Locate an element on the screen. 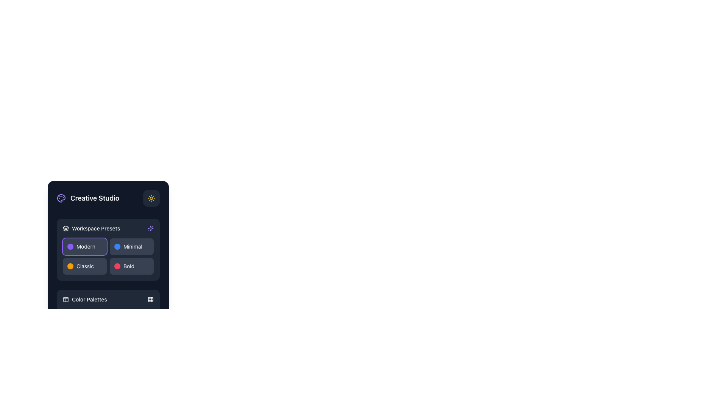  the icon shaped like layered rectangles, which is located on the left side of the toolbar beside the text 'Workspace Presets' is located at coordinates (66, 228).